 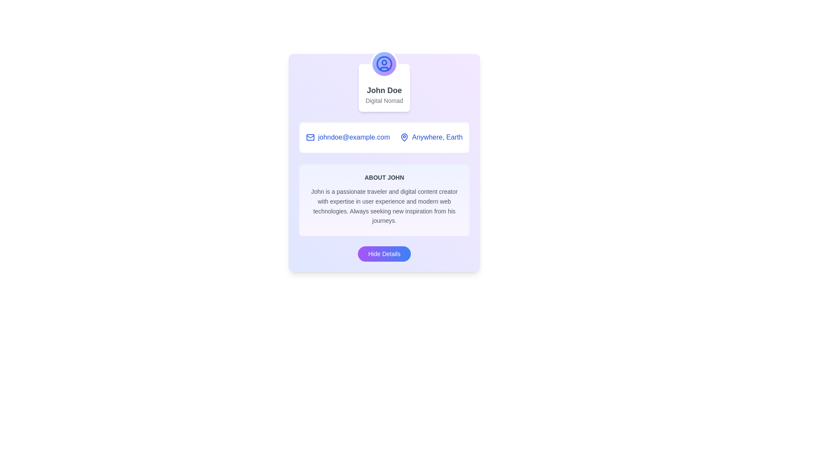 I want to click on the location marker icon representing 'Anywhere, Earth', so click(x=404, y=137).